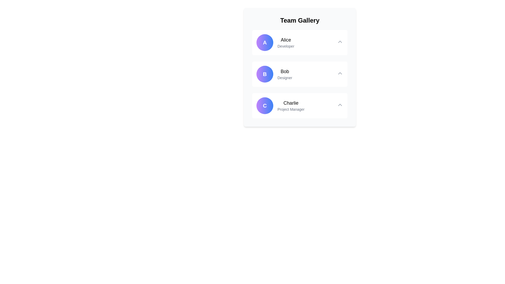 The width and height of the screenshot is (505, 284). Describe the element at coordinates (265, 105) in the screenshot. I see `the circular icon with a gradient background transitioning from purple to blue, featuring a white letter 'C' in the center, located in the third list item of the team gallery next to 'Charlie, Project Manager'` at that location.